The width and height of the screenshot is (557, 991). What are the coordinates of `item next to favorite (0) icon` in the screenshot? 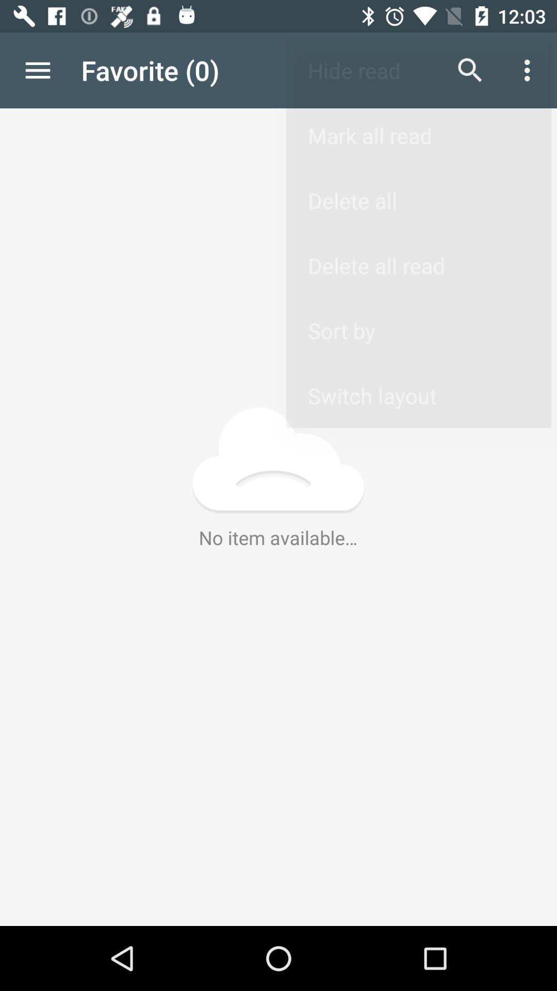 It's located at (37, 70).